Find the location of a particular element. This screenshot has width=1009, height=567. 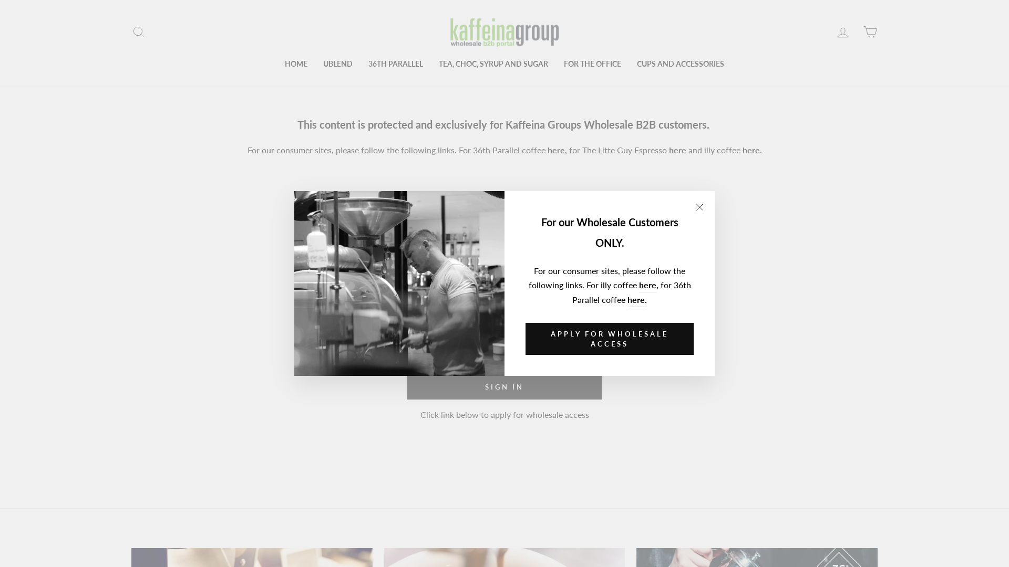

'36TH PARALLEL' is located at coordinates (395, 64).